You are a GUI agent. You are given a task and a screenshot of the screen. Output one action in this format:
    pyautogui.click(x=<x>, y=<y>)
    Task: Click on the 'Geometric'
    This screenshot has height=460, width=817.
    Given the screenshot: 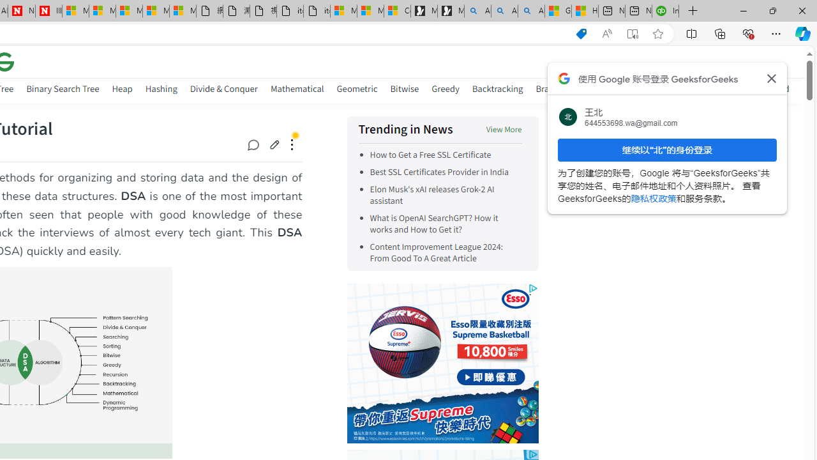 What is the action you would take?
    pyautogui.click(x=357, y=88)
    